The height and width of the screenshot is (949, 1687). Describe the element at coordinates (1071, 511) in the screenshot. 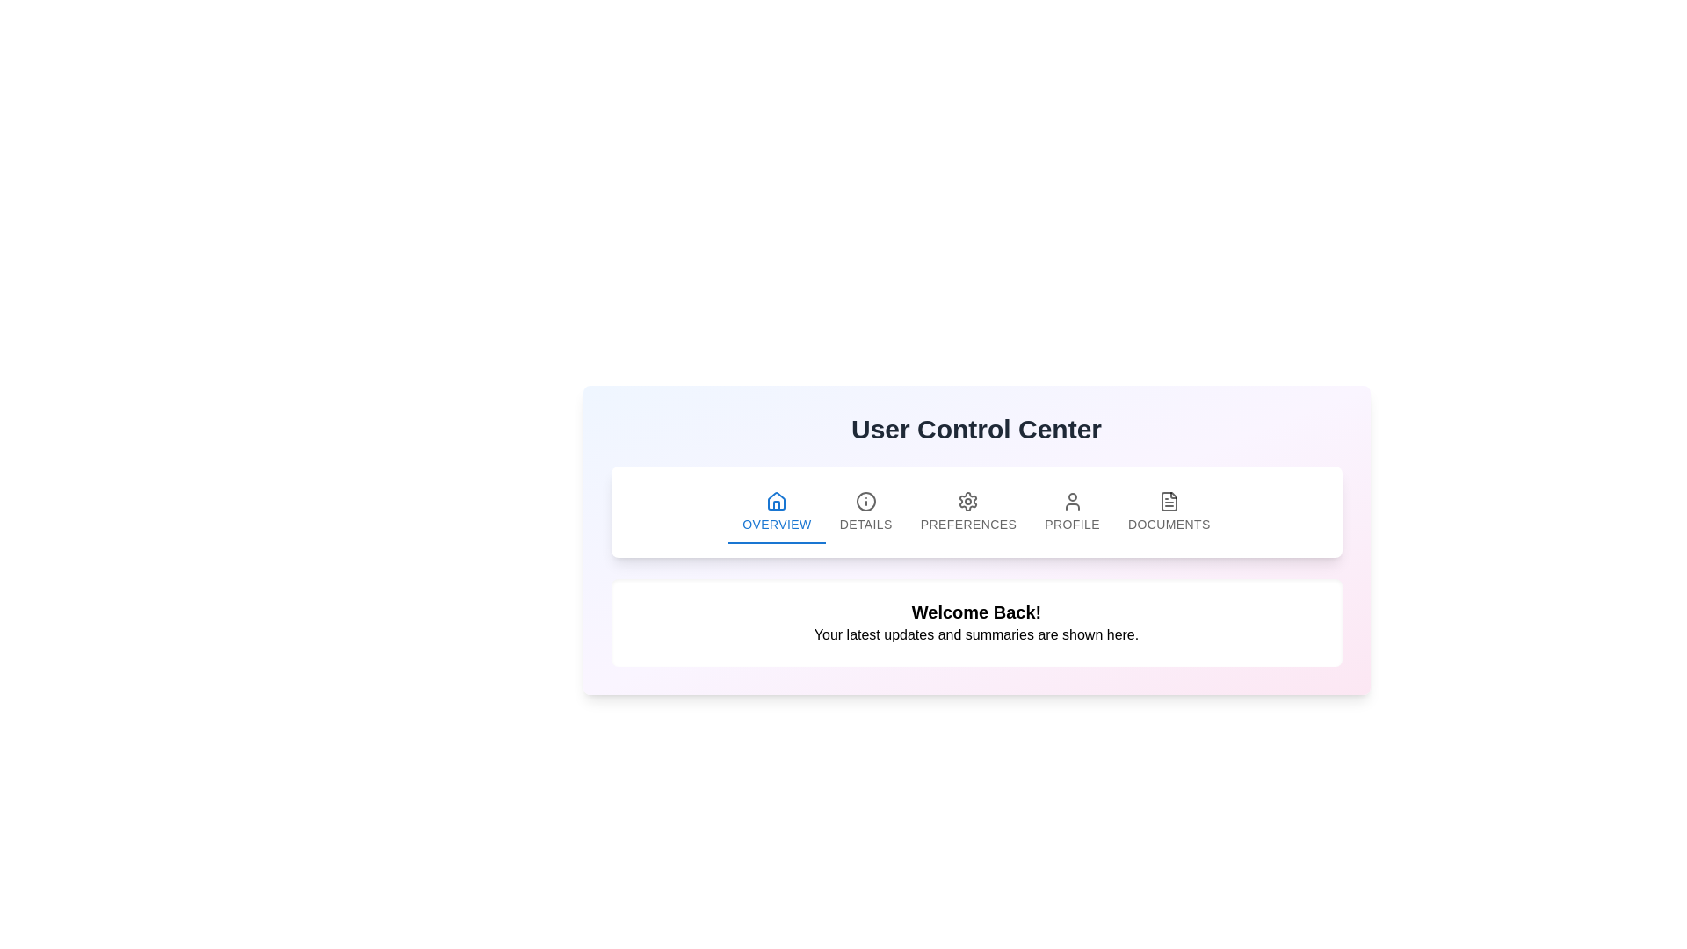

I see `the 'Profile' tab button, which is the fourth tab in a horizontal navigation bar` at that location.